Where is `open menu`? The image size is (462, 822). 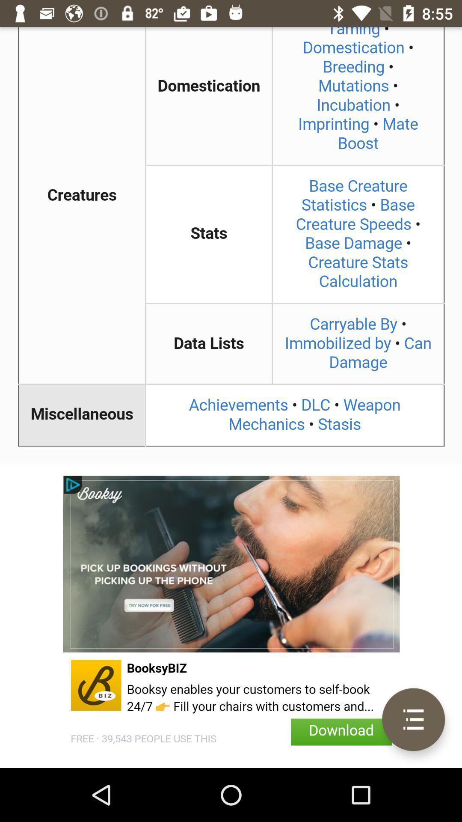 open menu is located at coordinates (413, 719).